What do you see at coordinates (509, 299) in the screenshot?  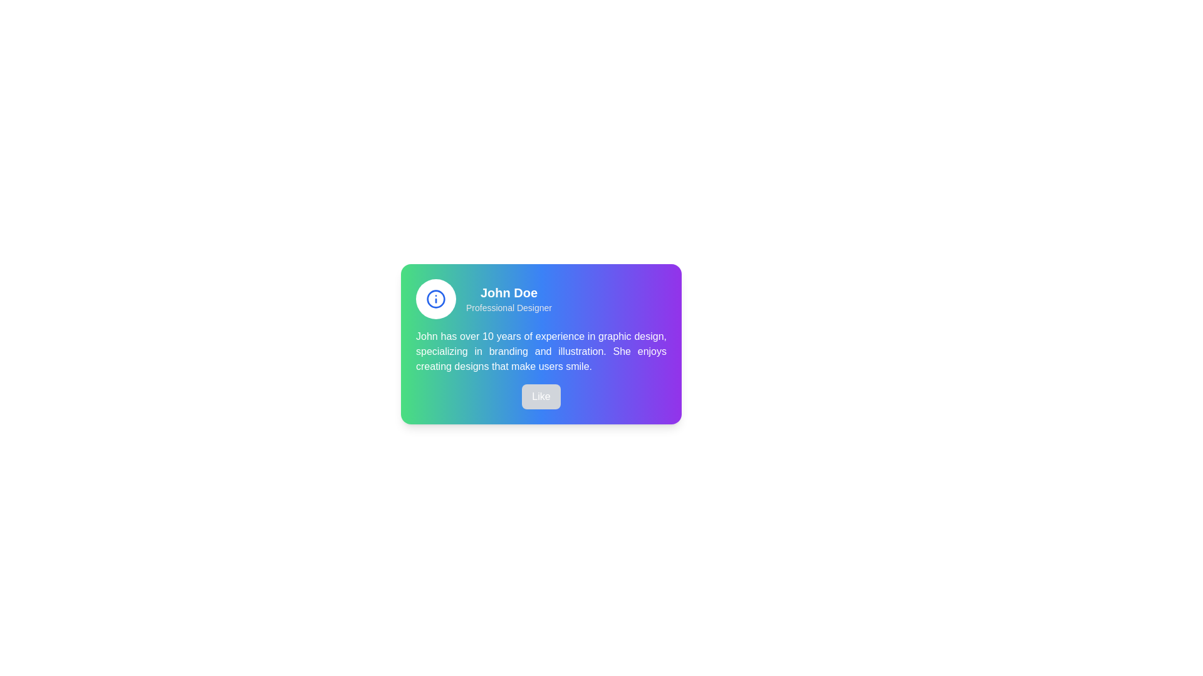 I see `the text label displaying 'John Doe' and 'Professional Designer' located near the top-center area of the interface` at bounding box center [509, 299].